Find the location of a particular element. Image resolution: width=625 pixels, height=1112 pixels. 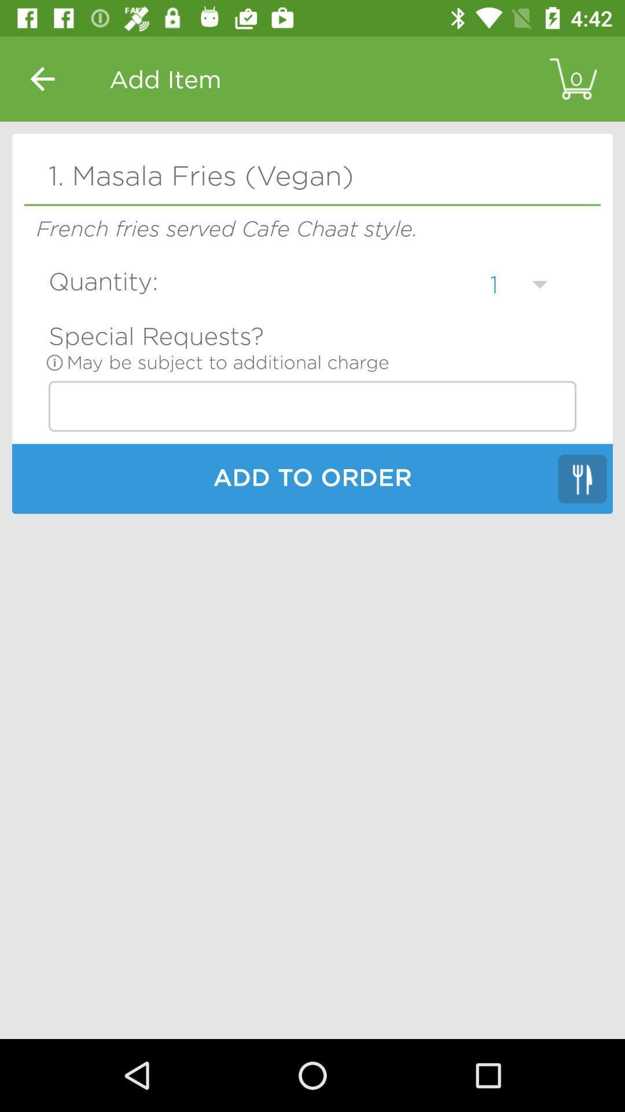

text is located at coordinates (312, 406).